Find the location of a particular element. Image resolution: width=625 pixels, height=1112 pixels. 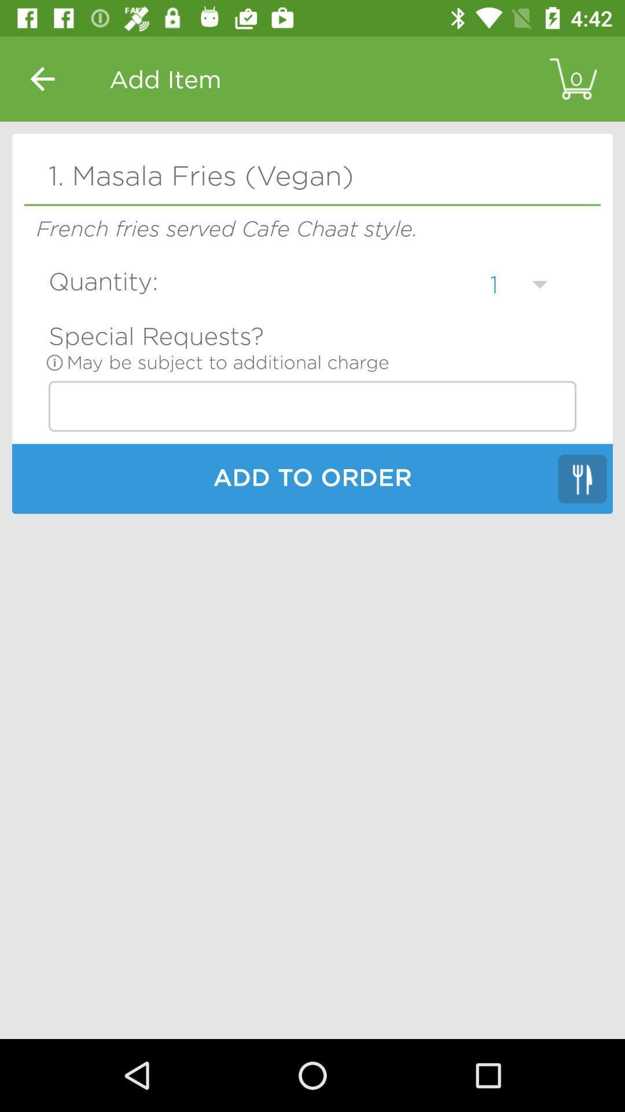

text is located at coordinates (312, 406).